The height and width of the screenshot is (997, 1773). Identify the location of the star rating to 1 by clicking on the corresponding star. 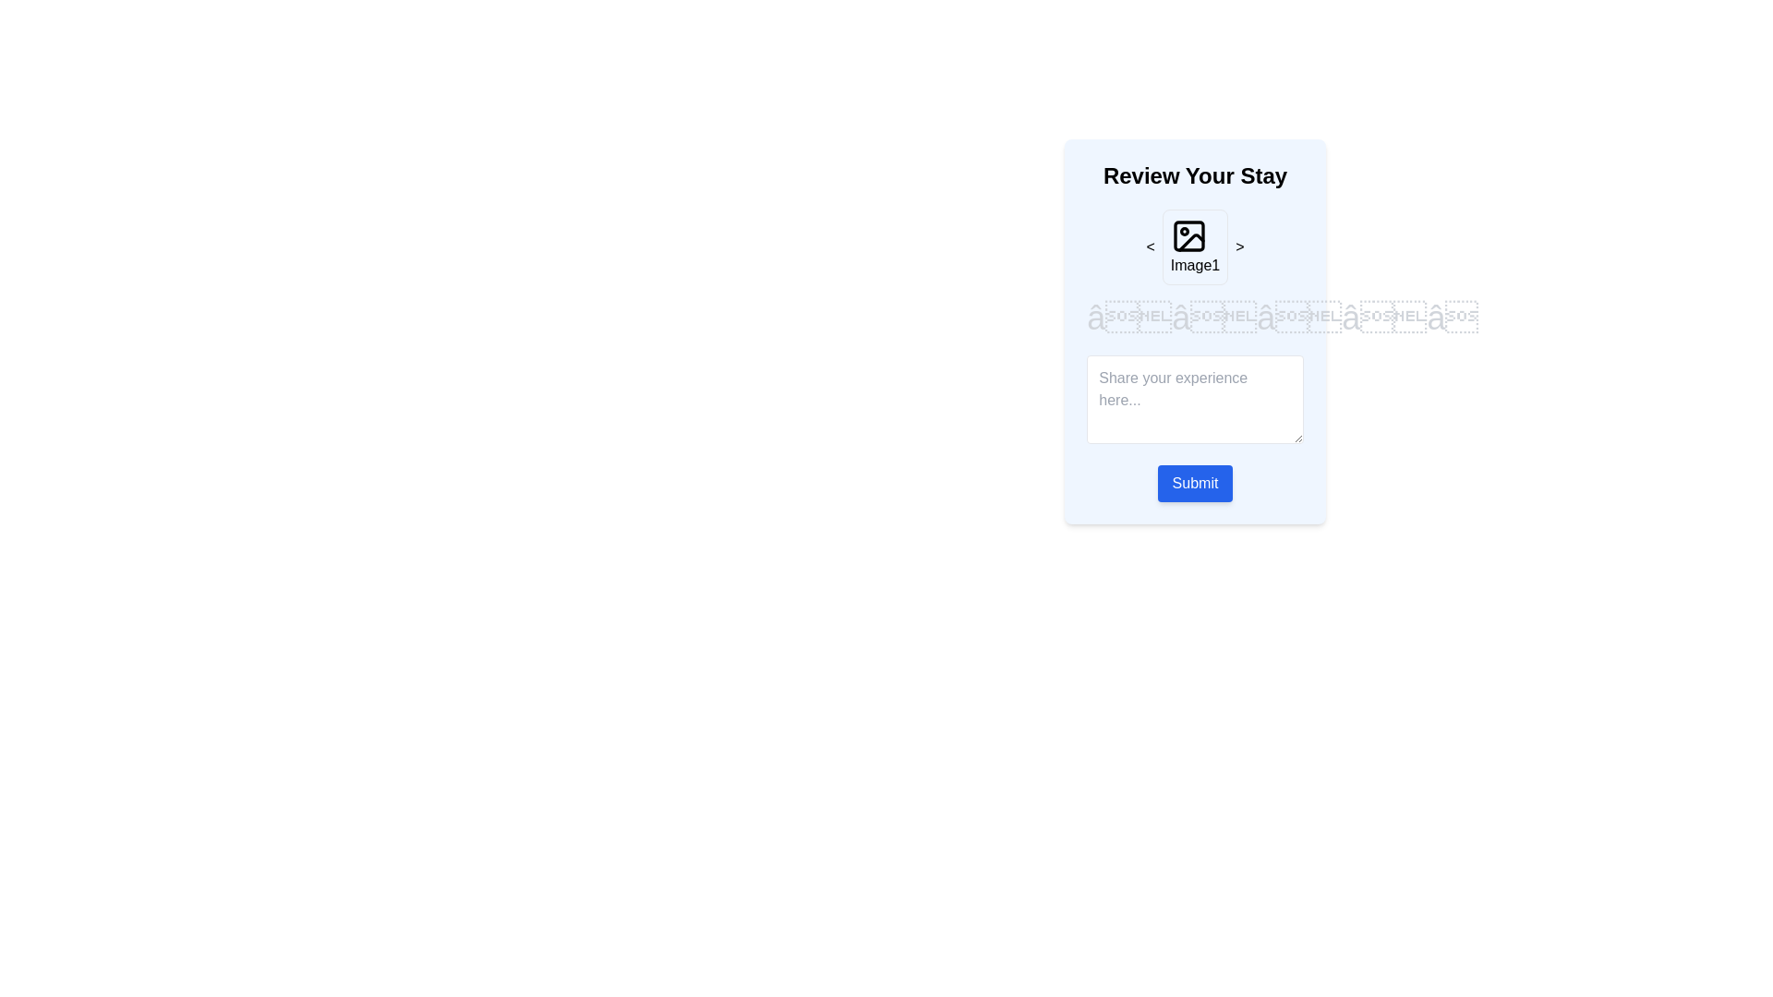
(1128, 317).